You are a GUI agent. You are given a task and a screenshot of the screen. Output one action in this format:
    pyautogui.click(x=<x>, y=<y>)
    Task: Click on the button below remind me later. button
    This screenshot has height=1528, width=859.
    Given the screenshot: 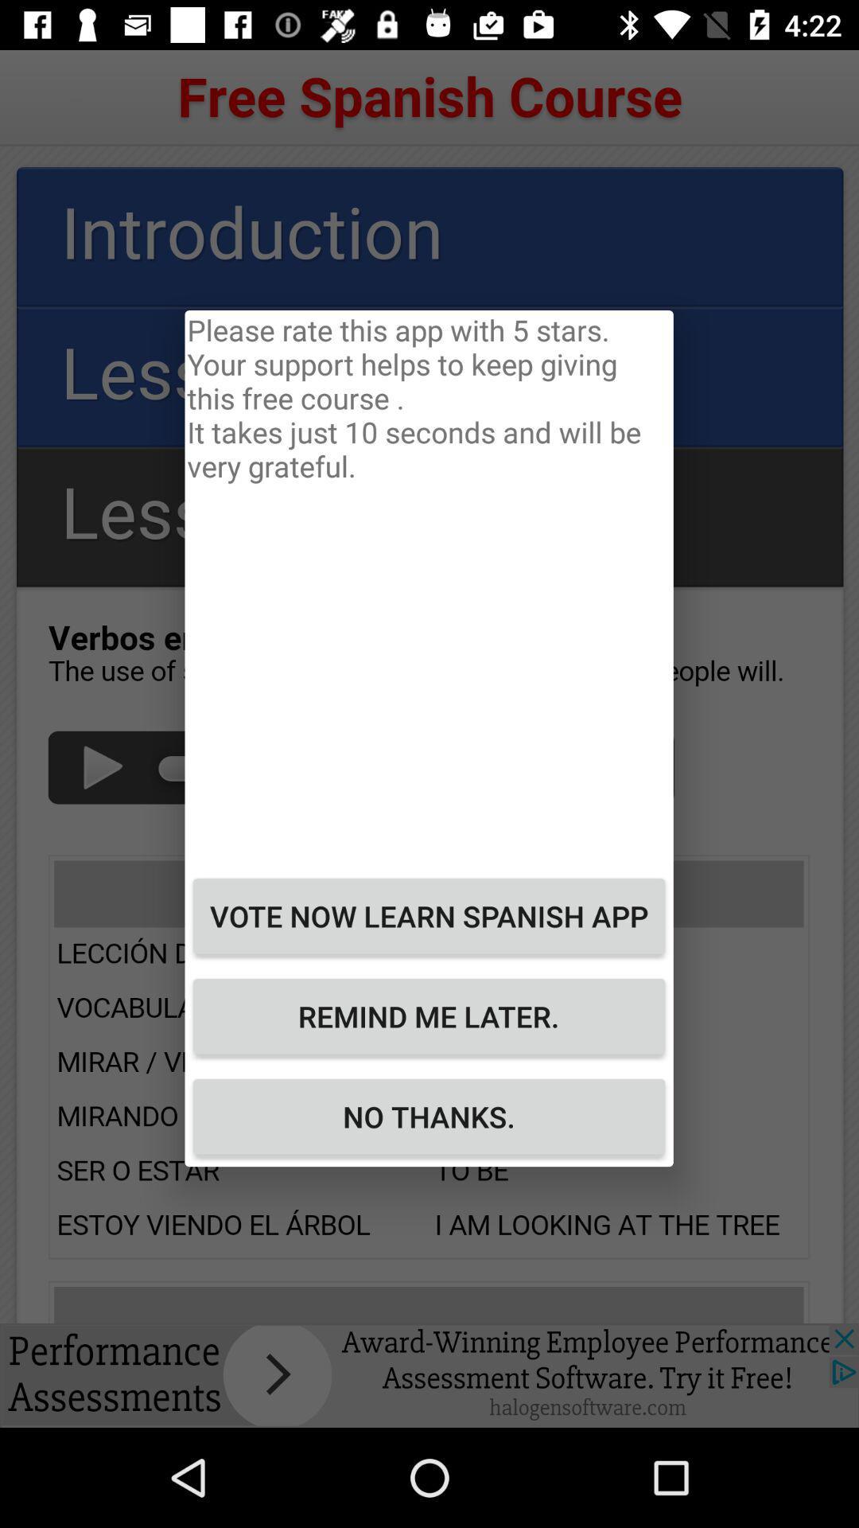 What is the action you would take?
    pyautogui.click(x=428, y=1116)
    